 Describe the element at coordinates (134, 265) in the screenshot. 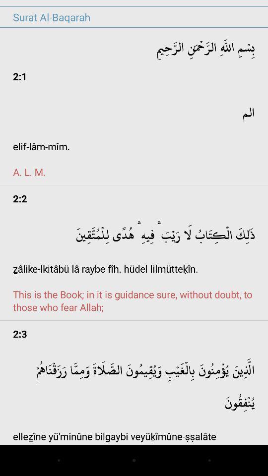

I see `the item below 2:2 item` at that location.